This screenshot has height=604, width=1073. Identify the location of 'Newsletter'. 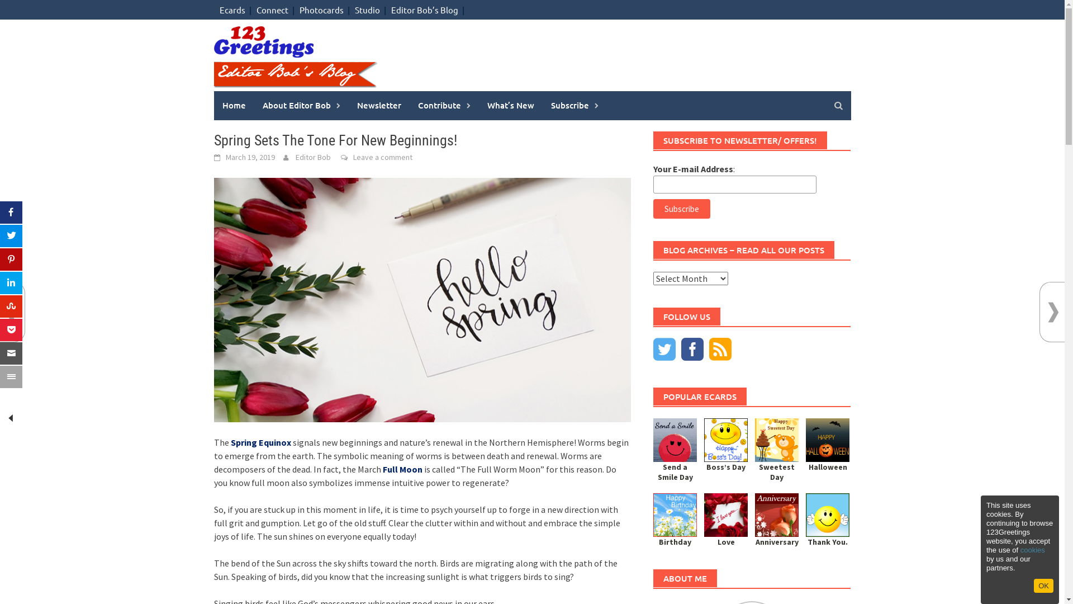
(379, 105).